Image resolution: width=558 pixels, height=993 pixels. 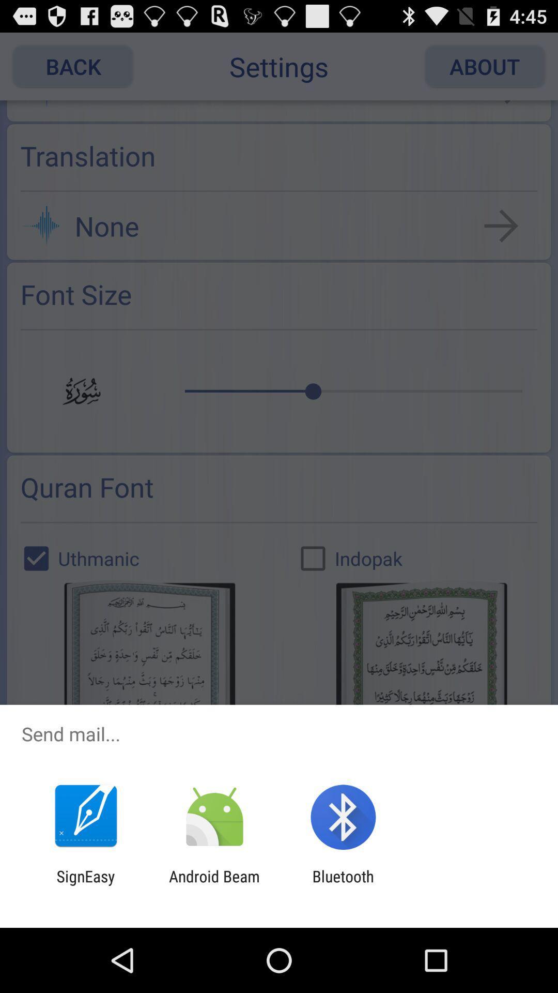 What do you see at coordinates (85, 885) in the screenshot?
I see `icon to the left of android beam` at bounding box center [85, 885].